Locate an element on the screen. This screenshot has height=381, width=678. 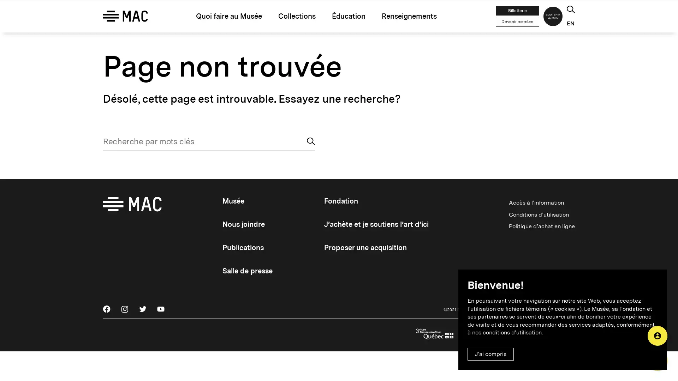
Recherchez is located at coordinates (311, 151).